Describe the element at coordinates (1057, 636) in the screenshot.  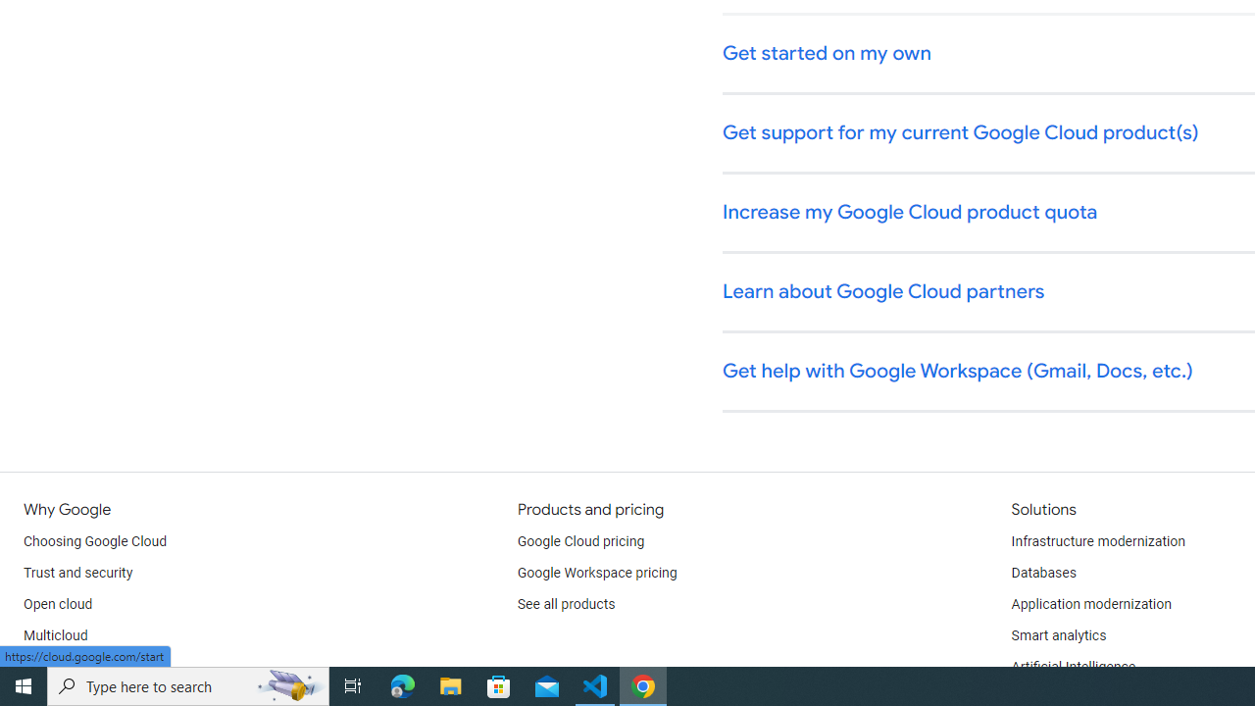
I see `'Smart analytics'` at that location.